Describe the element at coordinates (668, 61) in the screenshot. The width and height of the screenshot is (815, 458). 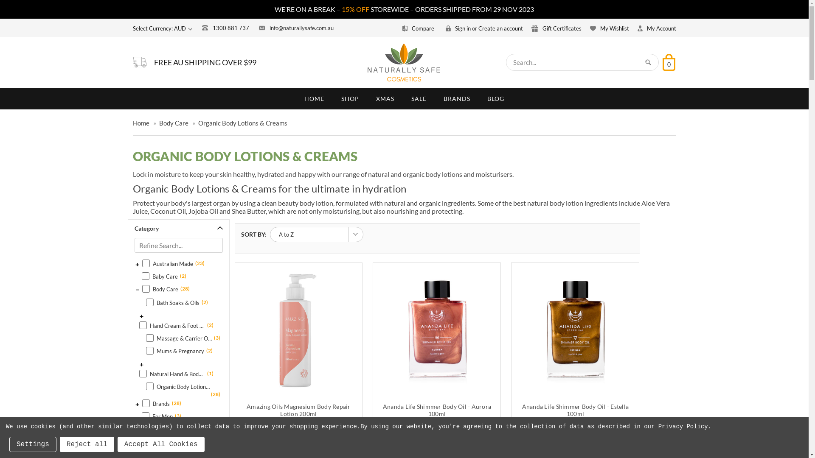
I see `'0'` at that location.